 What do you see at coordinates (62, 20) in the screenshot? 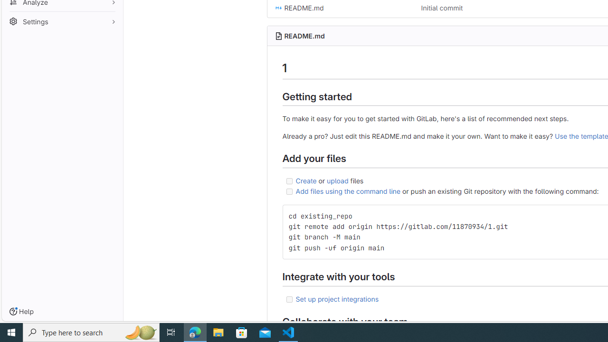
I see `'Settings'` at bounding box center [62, 20].